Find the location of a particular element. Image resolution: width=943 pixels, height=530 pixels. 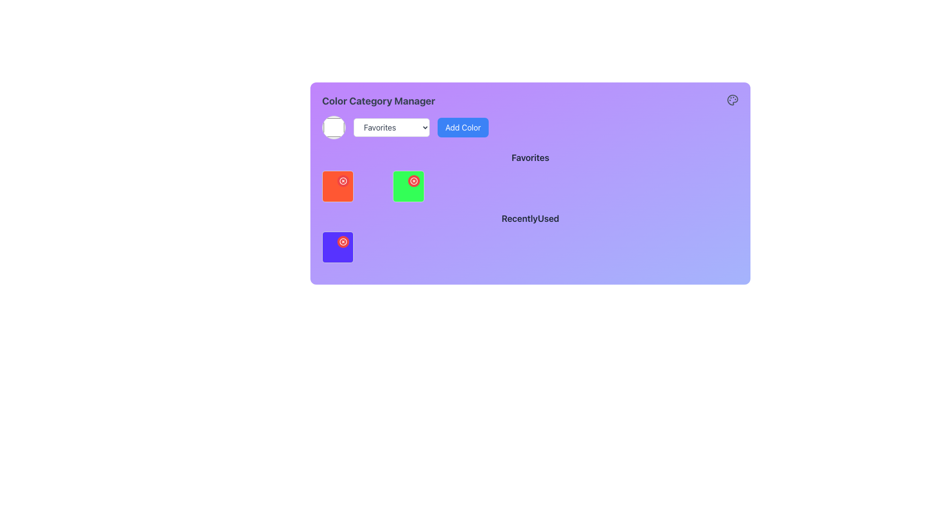

the Circular Color Button, which serves as an interactive color picker for selecting or viewing white as the chosen color is located at coordinates (334, 127).